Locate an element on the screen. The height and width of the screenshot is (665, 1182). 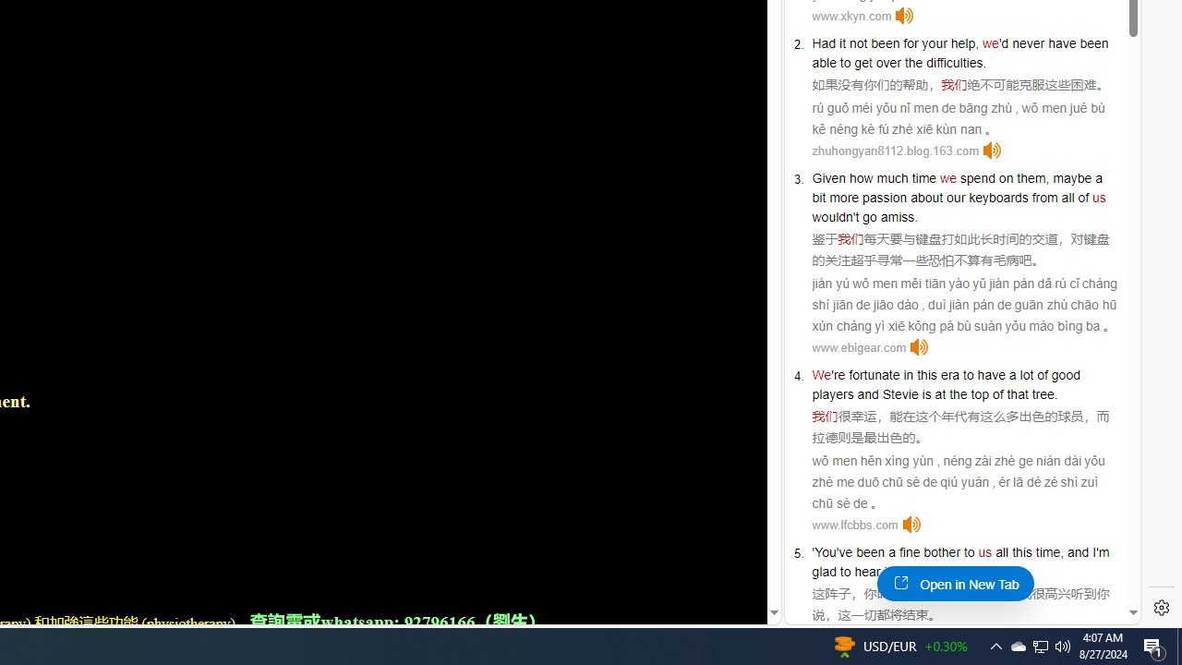
'www.xkyn.com' is located at coordinates (850, 16).